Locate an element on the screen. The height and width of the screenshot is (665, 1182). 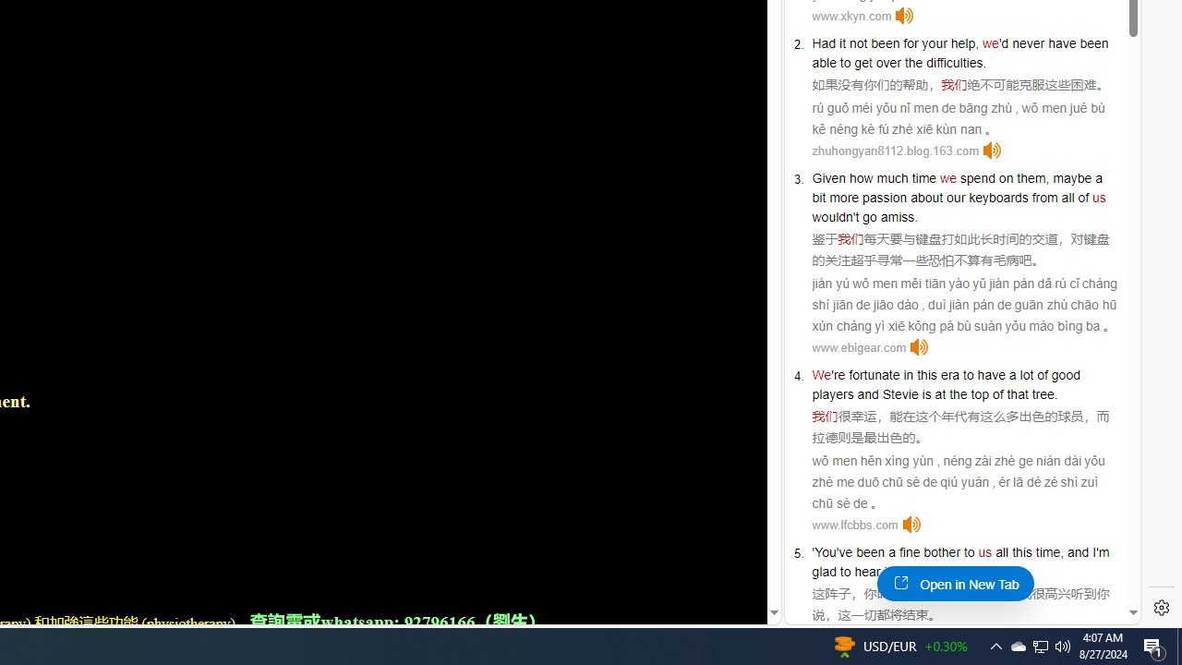
'www.xkyn.com' is located at coordinates (850, 16).